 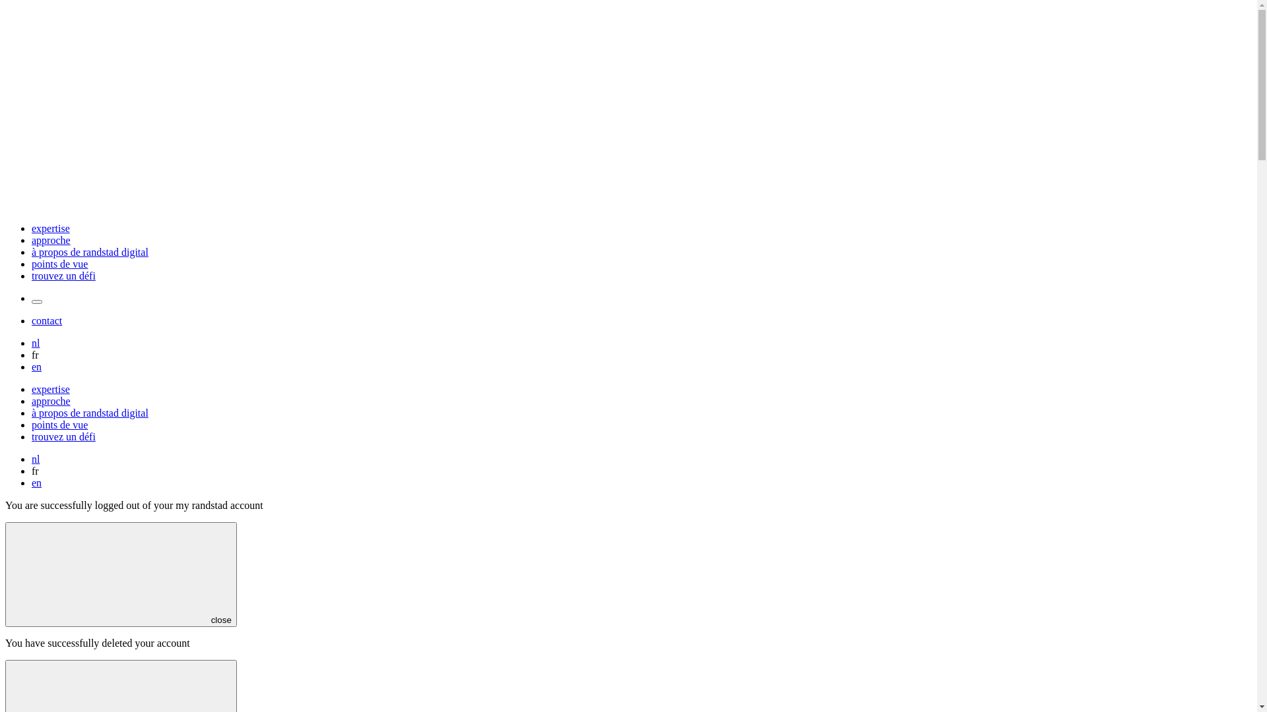 I want to click on 'expertise', so click(x=50, y=388).